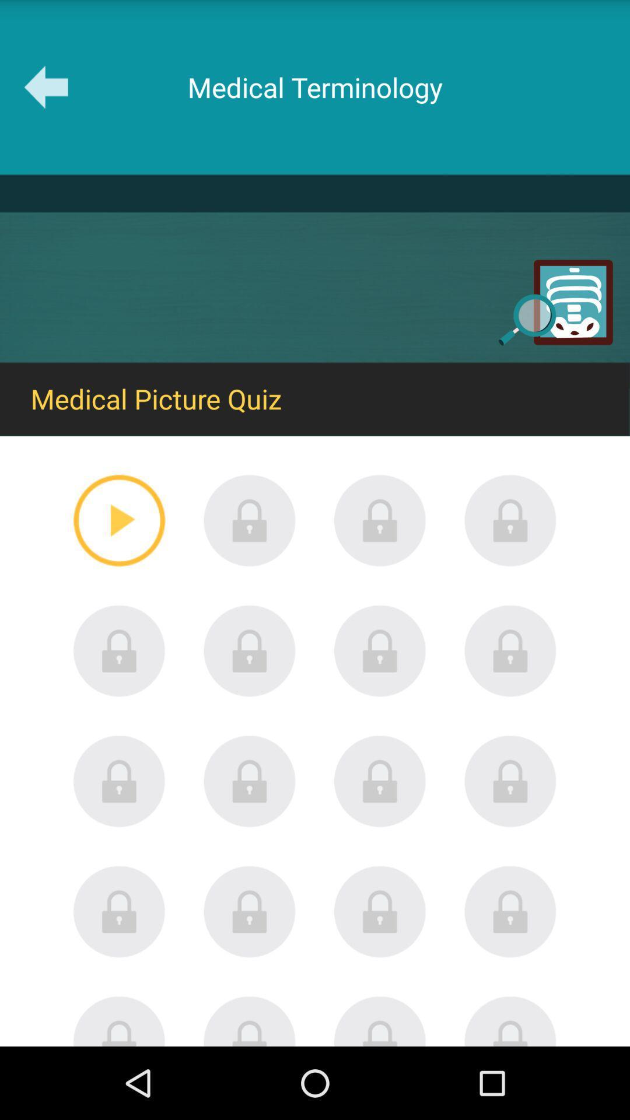 This screenshot has height=1120, width=630. I want to click on unlock quiz, so click(510, 1020).